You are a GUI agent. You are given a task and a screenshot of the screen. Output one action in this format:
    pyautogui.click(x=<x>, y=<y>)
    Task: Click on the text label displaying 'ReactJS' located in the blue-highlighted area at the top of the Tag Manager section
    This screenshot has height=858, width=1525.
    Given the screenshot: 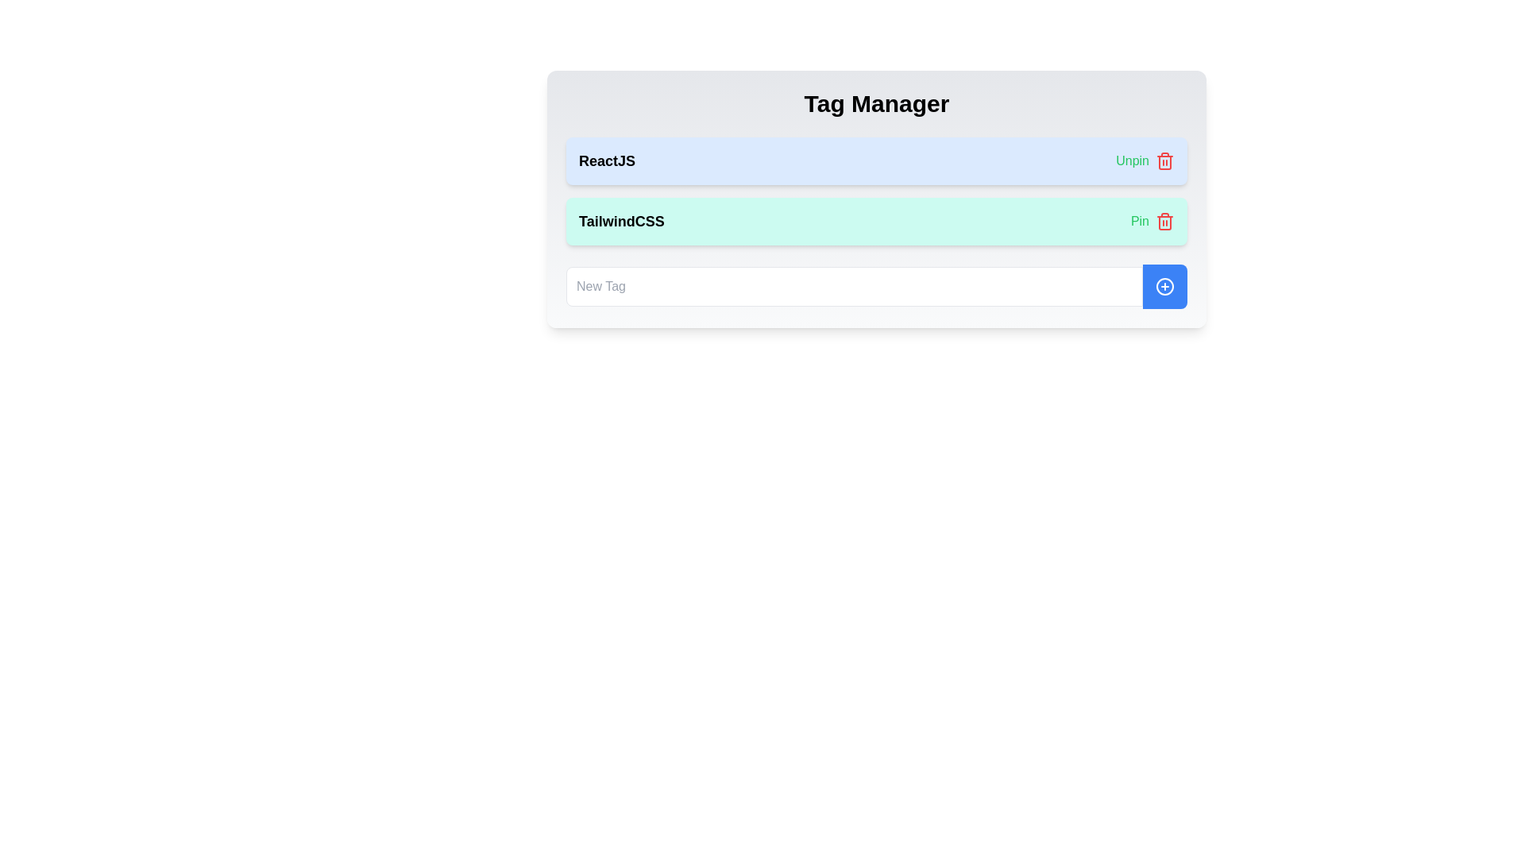 What is the action you would take?
    pyautogui.click(x=606, y=161)
    